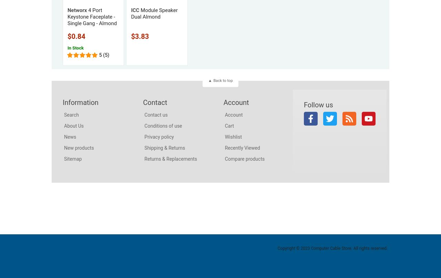  What do you see at coordinates (277, 247) in the screenshot?
I see `'Copyright © 2023 Computer Cable Store. All rights reserved.'` at bounding box center [277, 247].